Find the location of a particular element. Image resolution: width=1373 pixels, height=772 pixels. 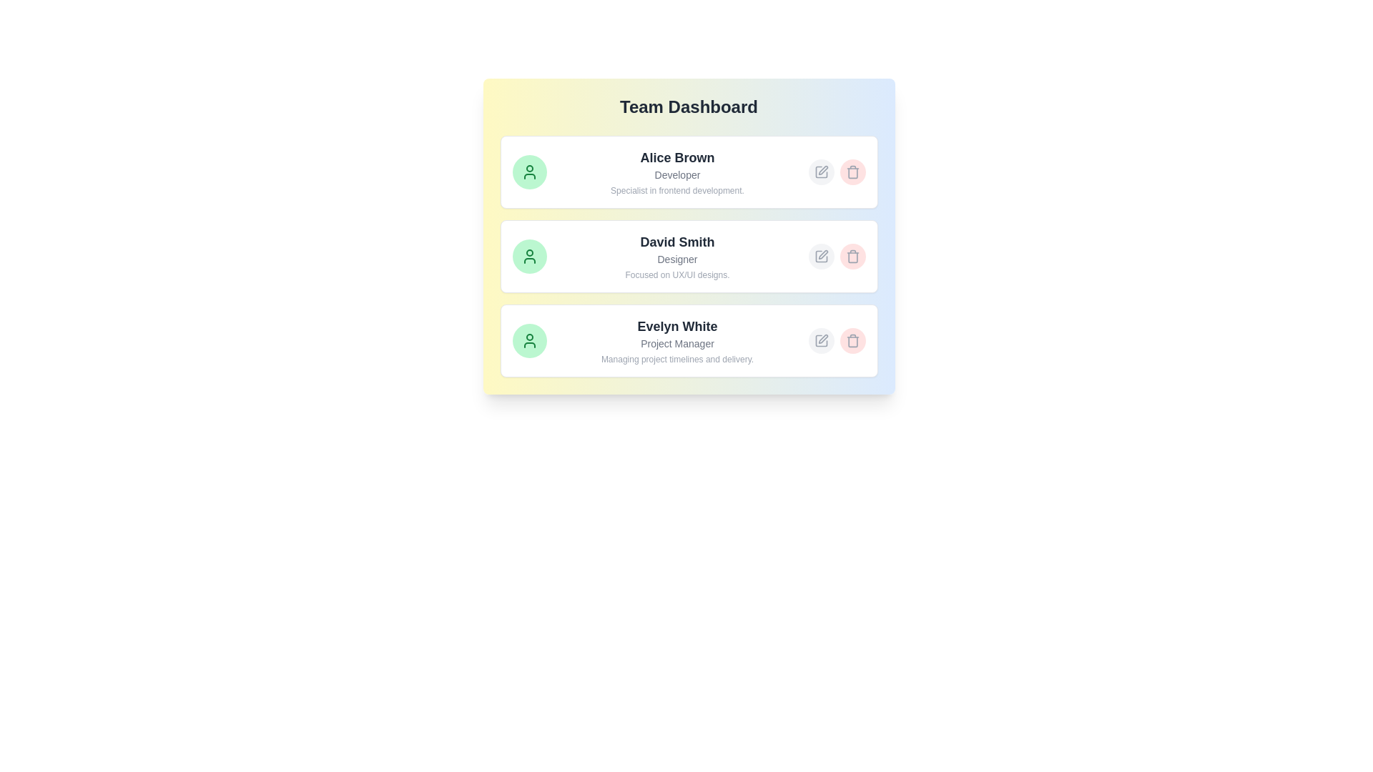

the SVG user icon within the circular green background on the left side of the third profile card for 'Evelyn White' is located at coordinates (528, 341).